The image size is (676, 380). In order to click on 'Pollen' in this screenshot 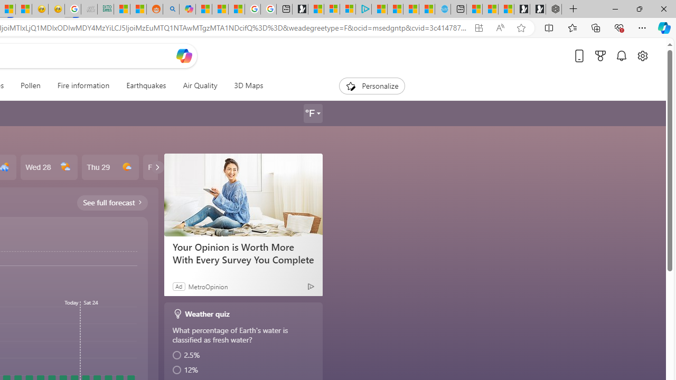, I will do `click(30, 85)`.